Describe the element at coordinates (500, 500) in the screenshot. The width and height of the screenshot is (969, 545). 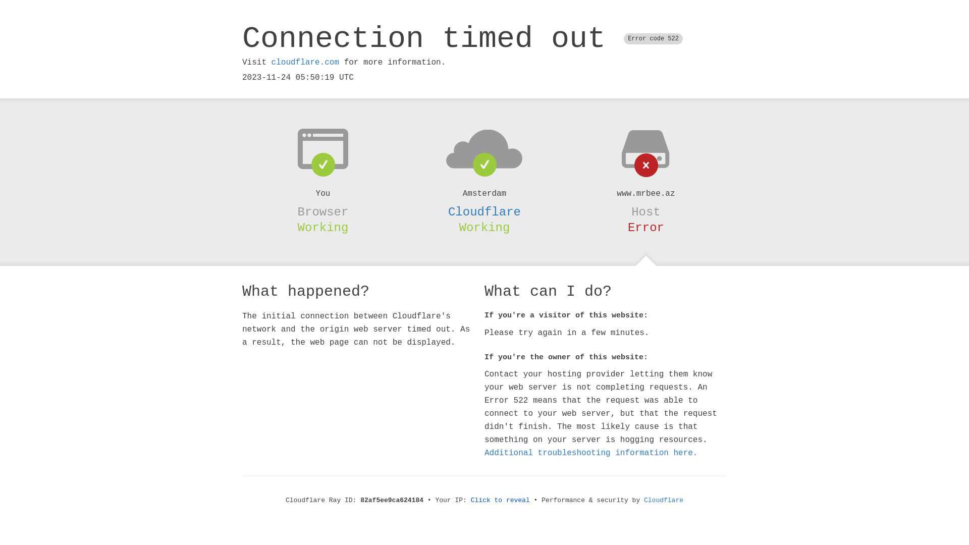
I see `'Click to reveal'` at that location.